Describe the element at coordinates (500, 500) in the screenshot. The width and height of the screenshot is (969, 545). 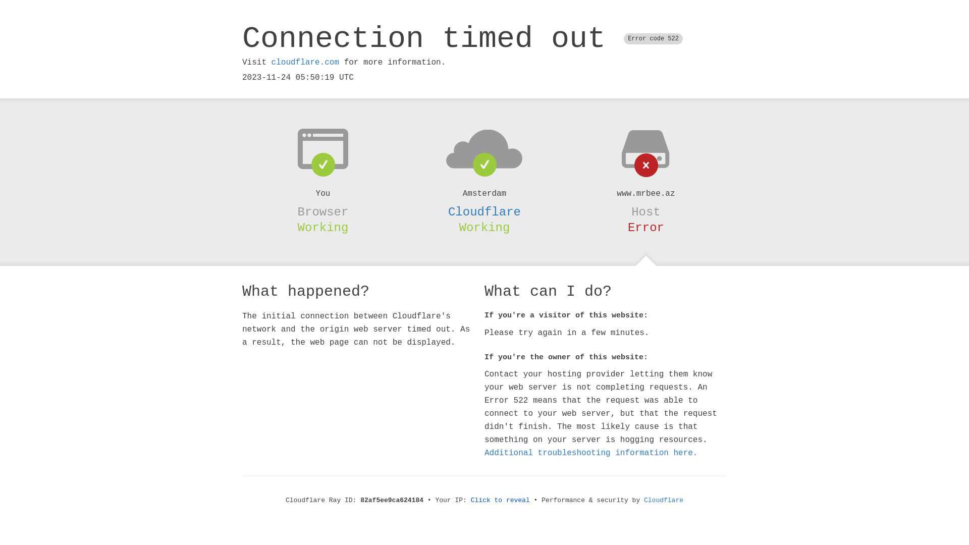
I see `'Click to reveal'` at that location.